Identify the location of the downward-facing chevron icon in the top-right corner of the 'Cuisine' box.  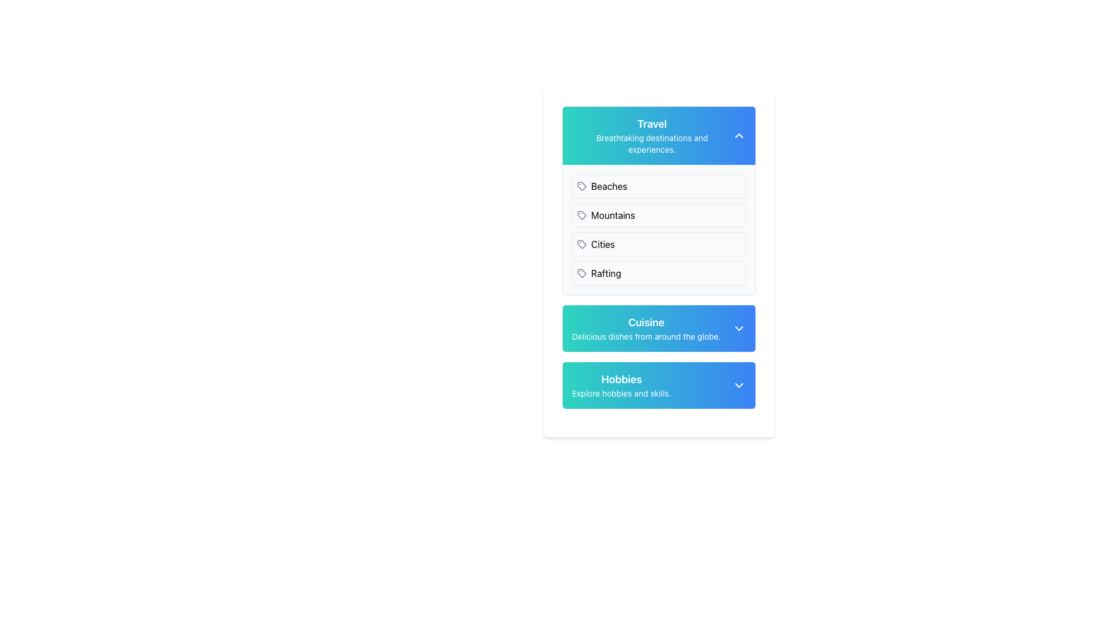
(738, 329).